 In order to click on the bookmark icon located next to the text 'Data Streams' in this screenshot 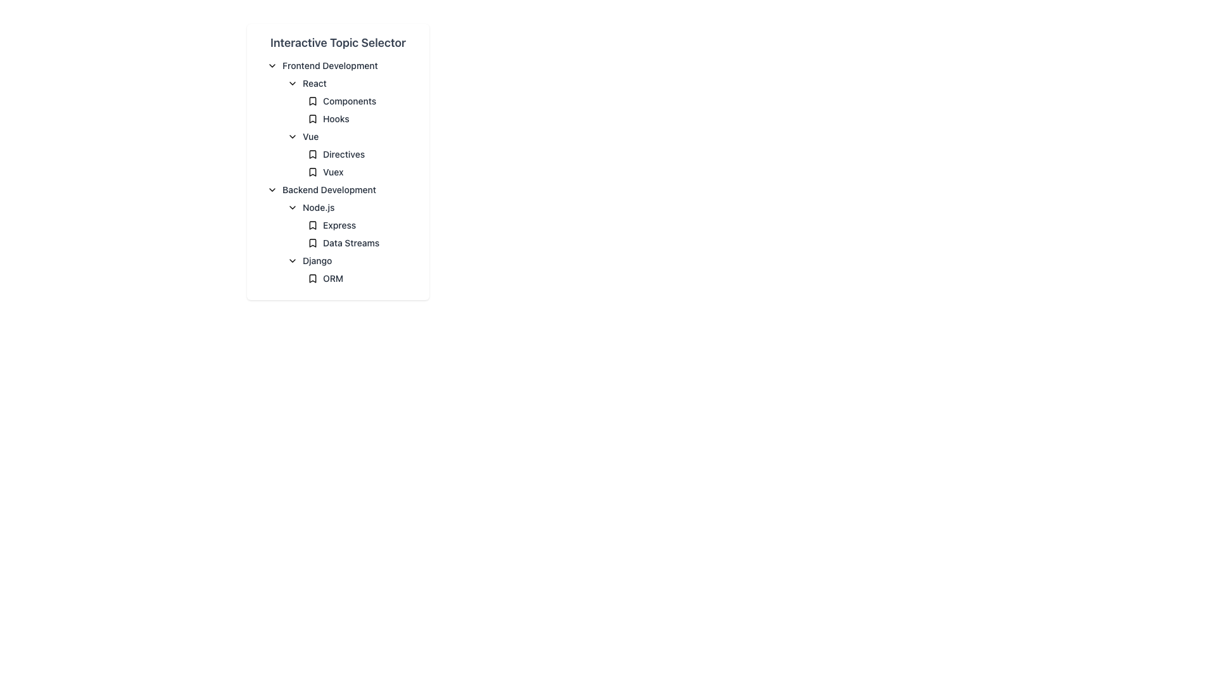, I will do `click(313, 243)`.